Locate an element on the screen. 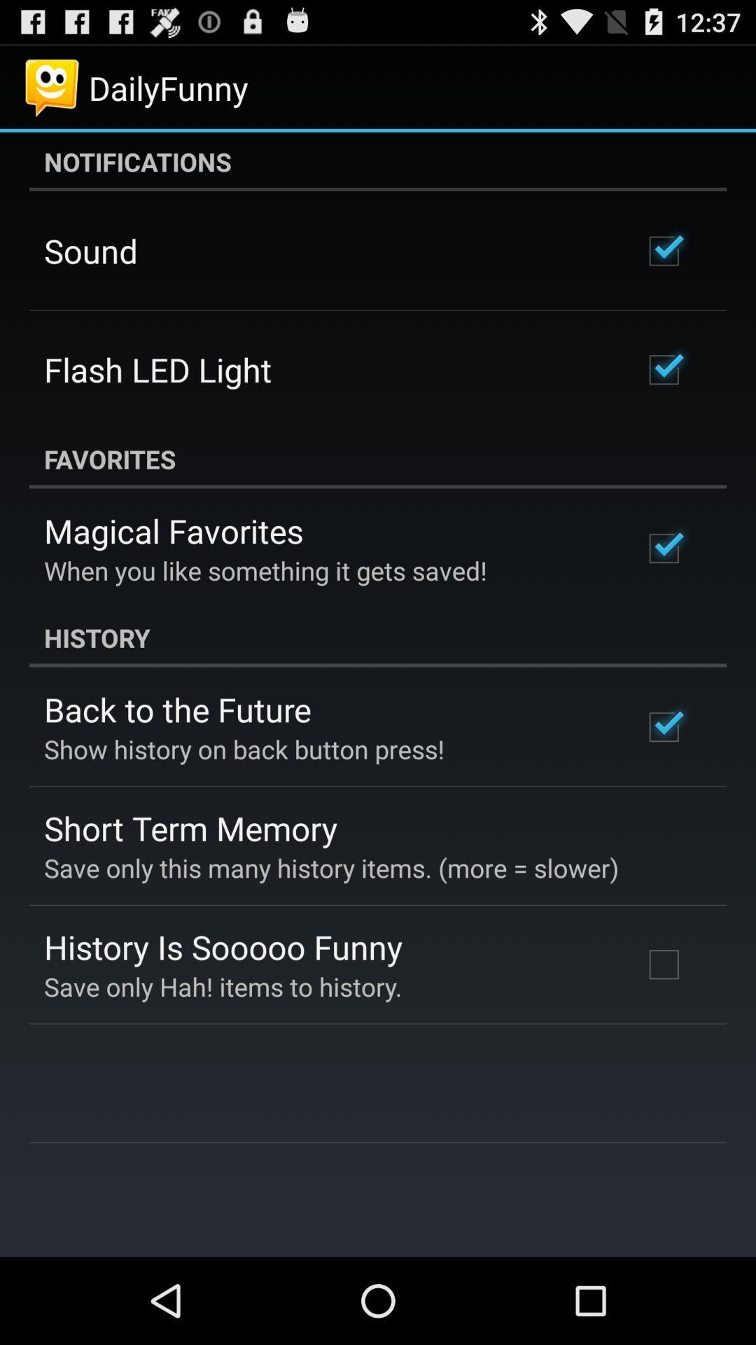 Image resolution: width=756 pixels, height=1345 pixels. history is sooooo is located at coordinates (223, 946).